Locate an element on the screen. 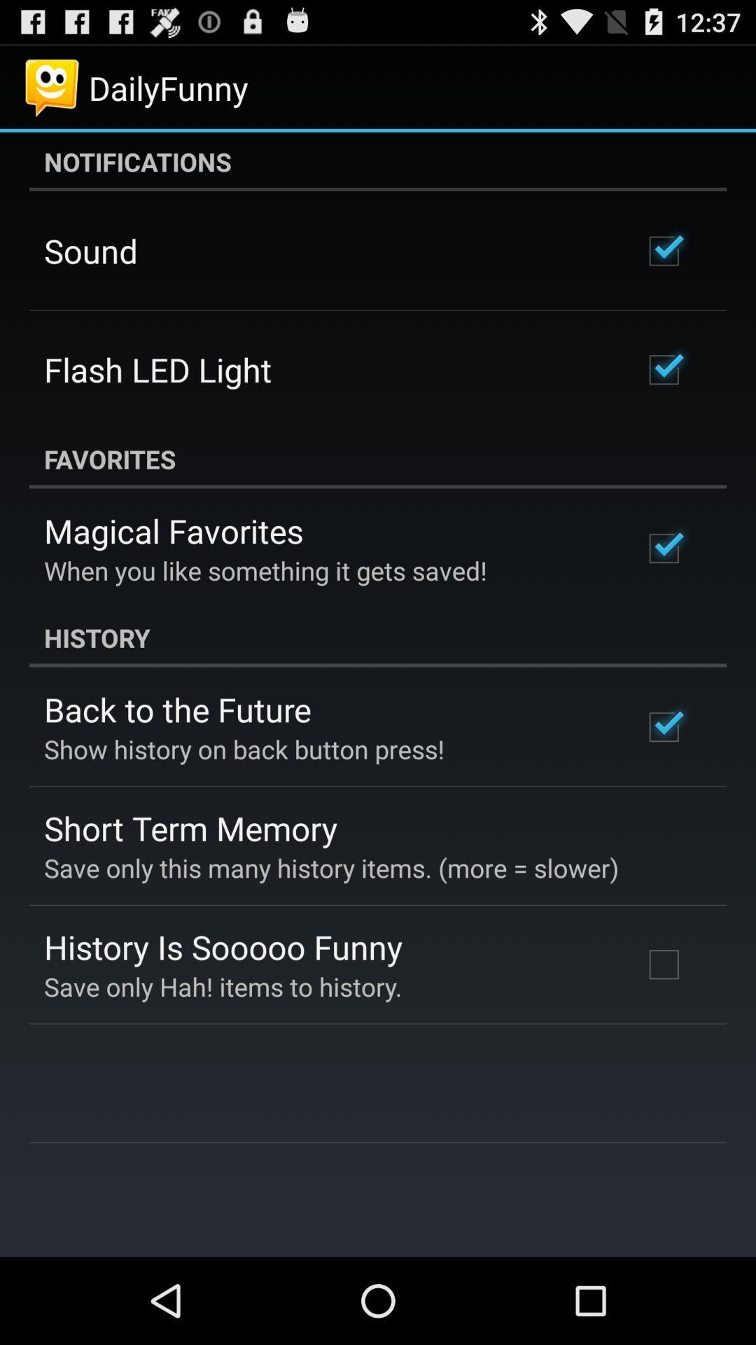 Image resolution: width=756 pixels, height=1345 pixels. history is sooooo is located at coordinates (223, 946).